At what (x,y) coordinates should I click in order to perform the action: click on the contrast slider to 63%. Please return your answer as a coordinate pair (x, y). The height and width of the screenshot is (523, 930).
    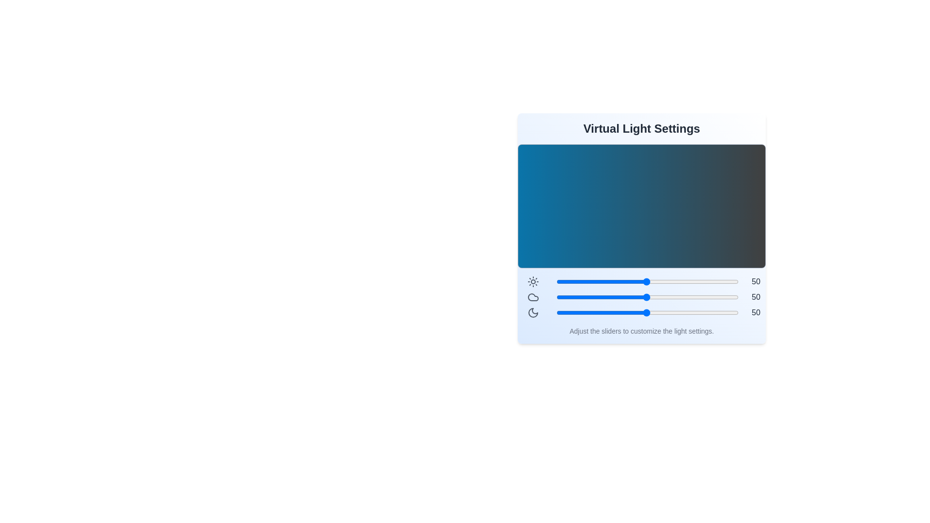
    Looking at the image, I should click on (670, 282).